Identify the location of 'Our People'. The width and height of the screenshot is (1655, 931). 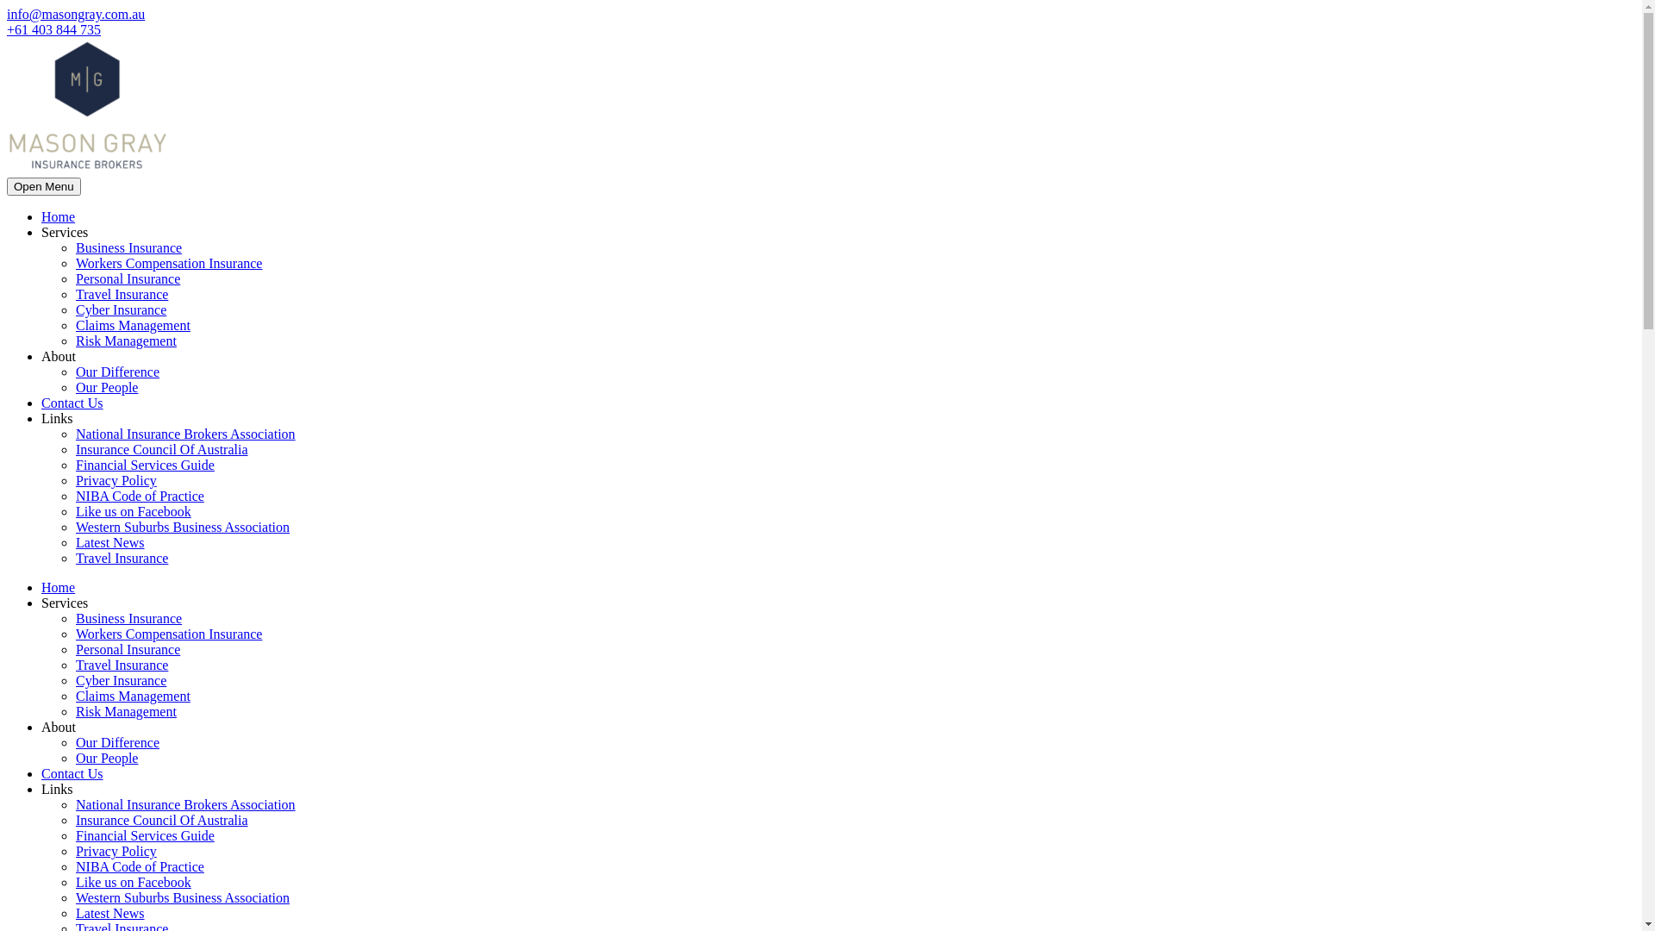
(106, 757).